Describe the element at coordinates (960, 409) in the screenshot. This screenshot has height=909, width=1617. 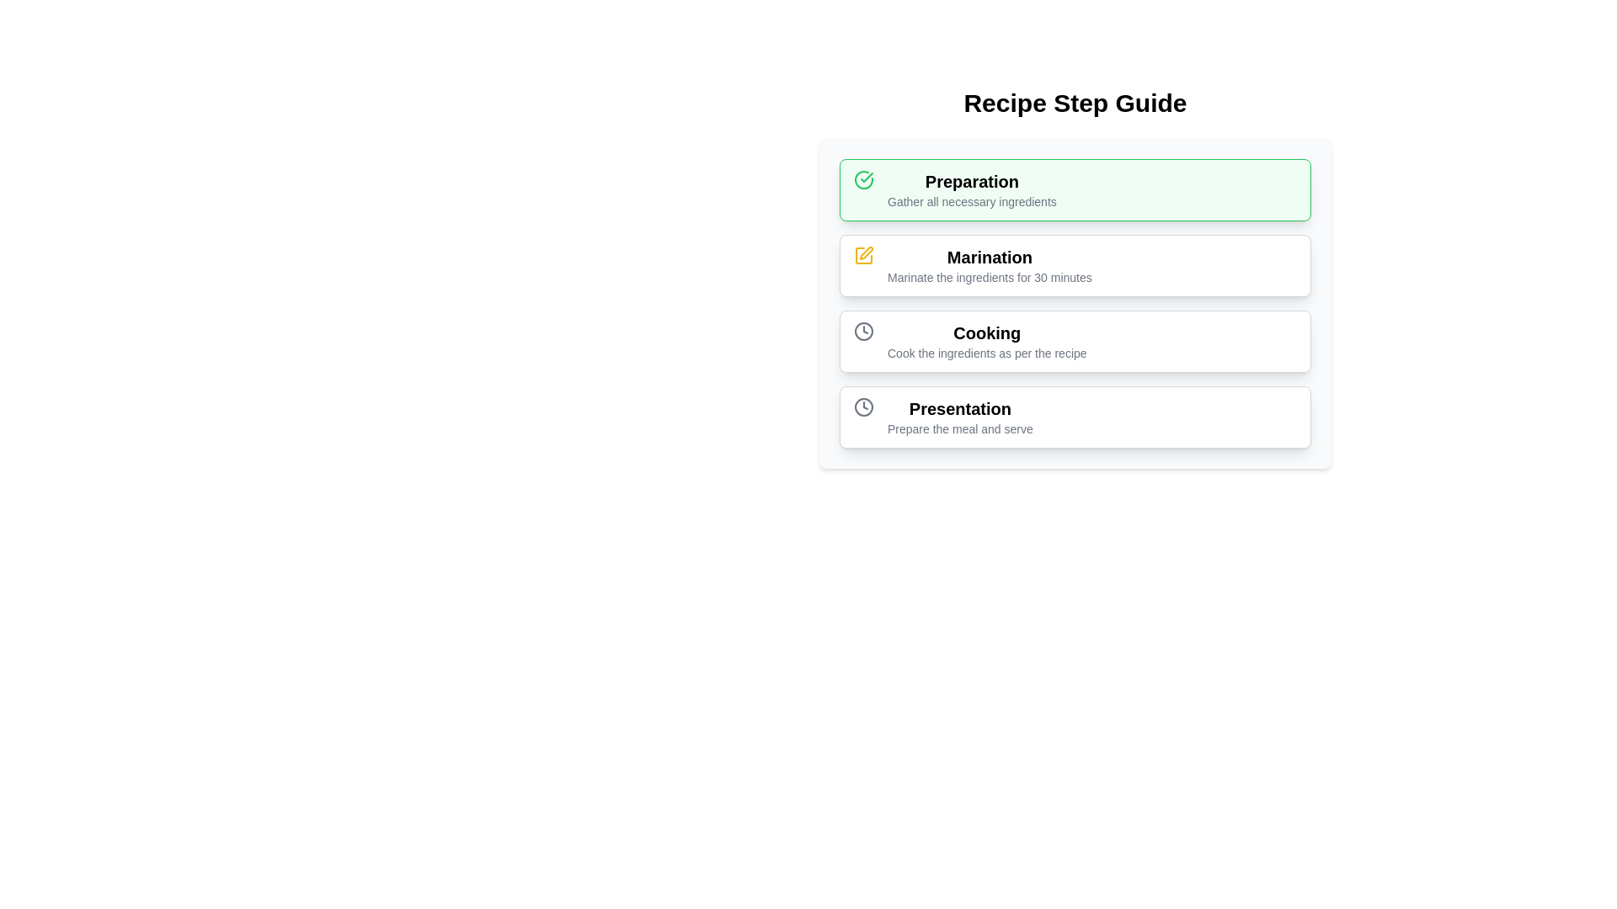
I see `the static text element titled 'Presentation', which is the heading for the final step in the 'Recipe Step Guide', located below the 'Cooking' step` at that location.